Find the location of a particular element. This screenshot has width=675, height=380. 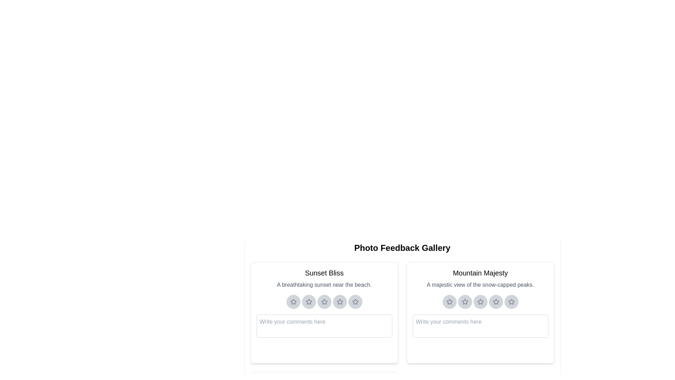

the Star rating icon located in the middle of the five buttons under the 'Mountain Majesty' feedback card is located at coordinates (480, 301).